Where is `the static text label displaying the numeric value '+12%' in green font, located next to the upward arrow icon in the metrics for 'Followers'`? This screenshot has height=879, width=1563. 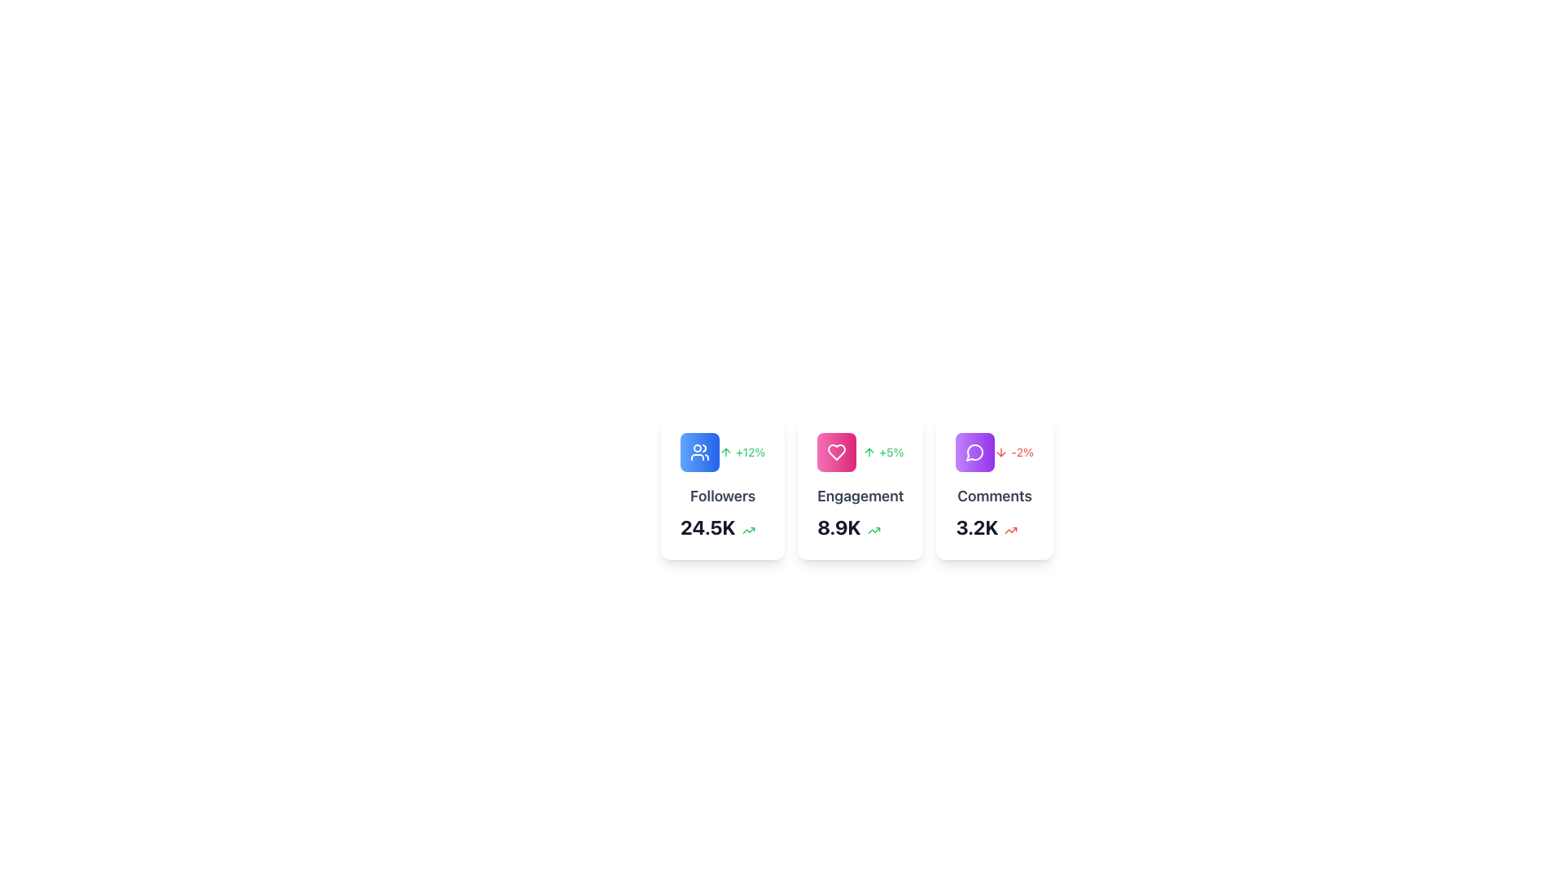 the static text label displaying the numeric value '+12%' in green font, located next to the upward arrow icon in the metrics for 'Followers' is located at coordinates (749, 452).